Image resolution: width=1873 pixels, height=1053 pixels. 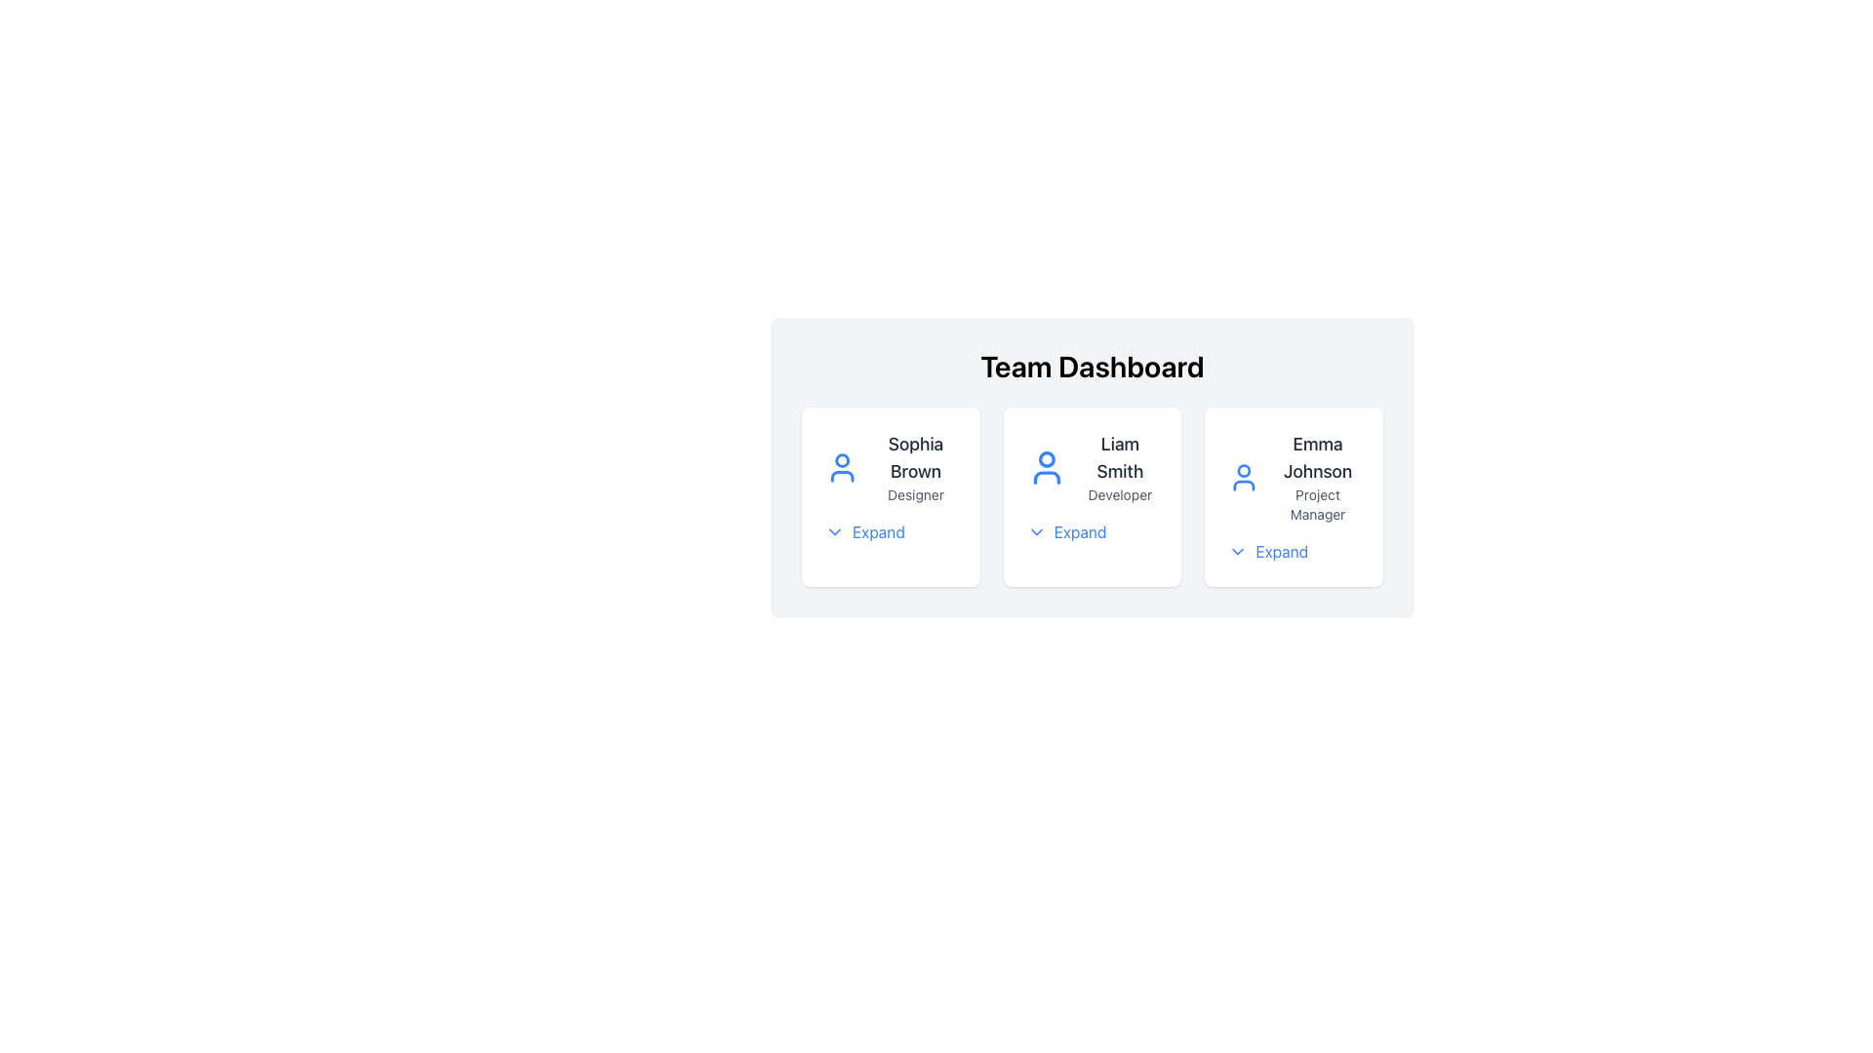 I want to click on the text 'Sophia Brown' in the upper-middle position of the leftmost user profile card, so click(x=915, y=458).